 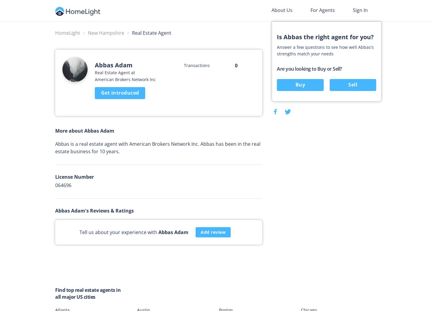 I want to click on 'Real Estate Agent', so click(x=132, y=33).